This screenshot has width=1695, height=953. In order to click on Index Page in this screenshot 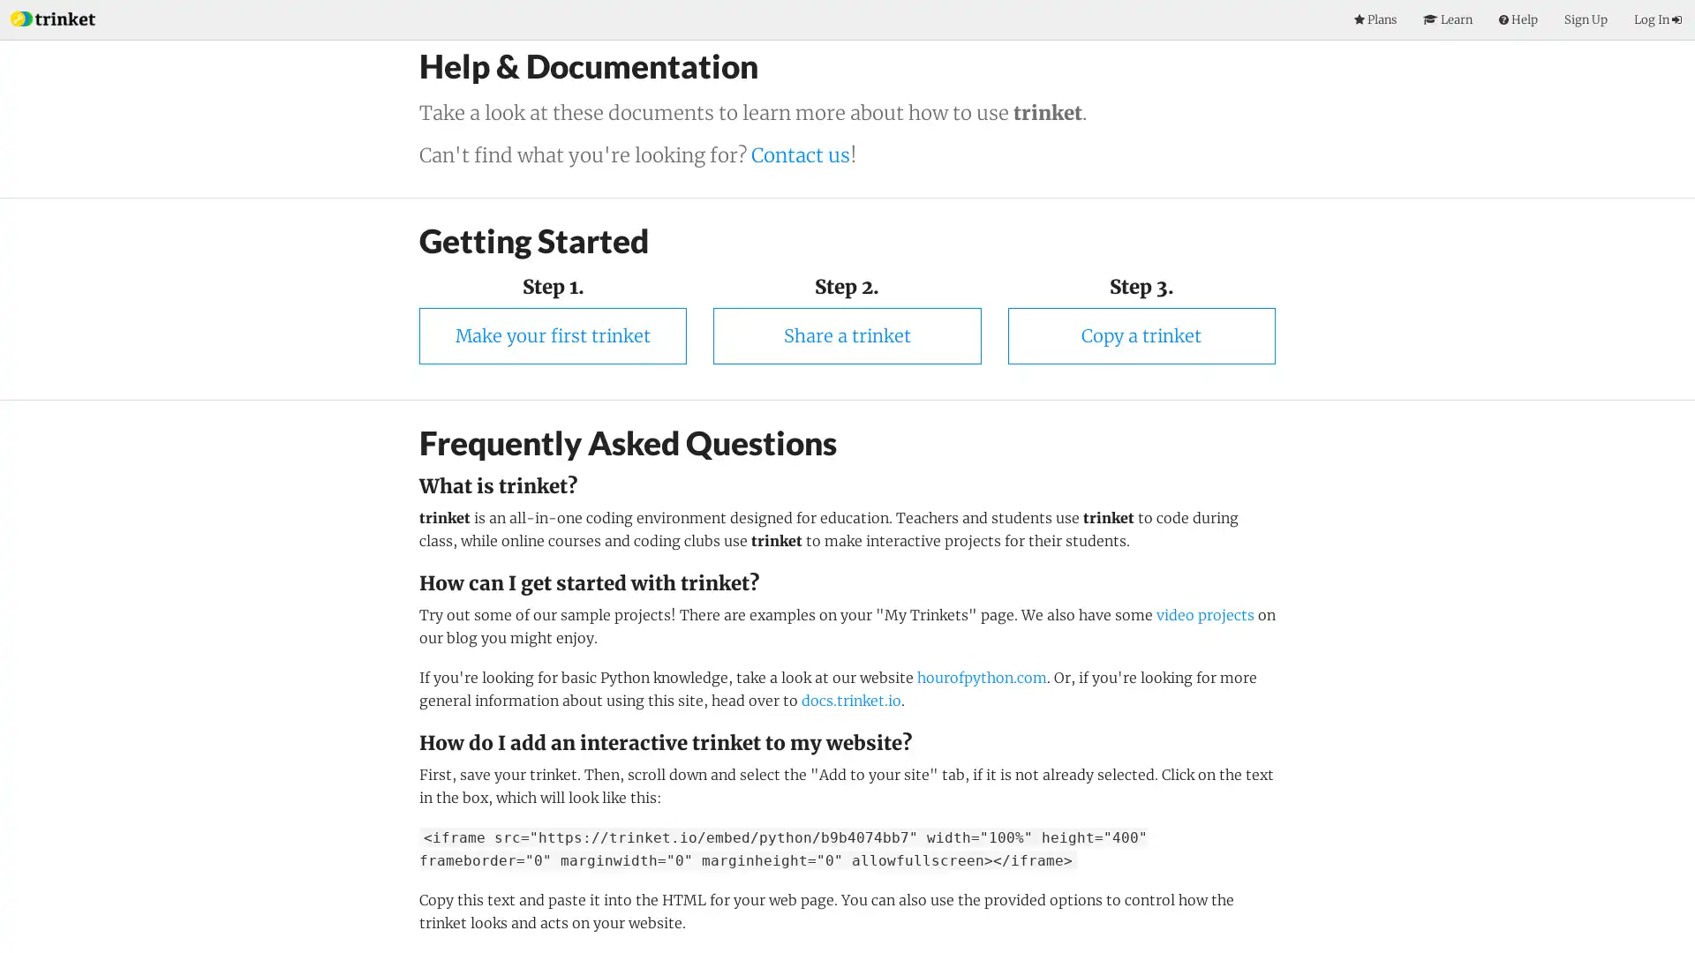, I will do `click(52, 17)`.